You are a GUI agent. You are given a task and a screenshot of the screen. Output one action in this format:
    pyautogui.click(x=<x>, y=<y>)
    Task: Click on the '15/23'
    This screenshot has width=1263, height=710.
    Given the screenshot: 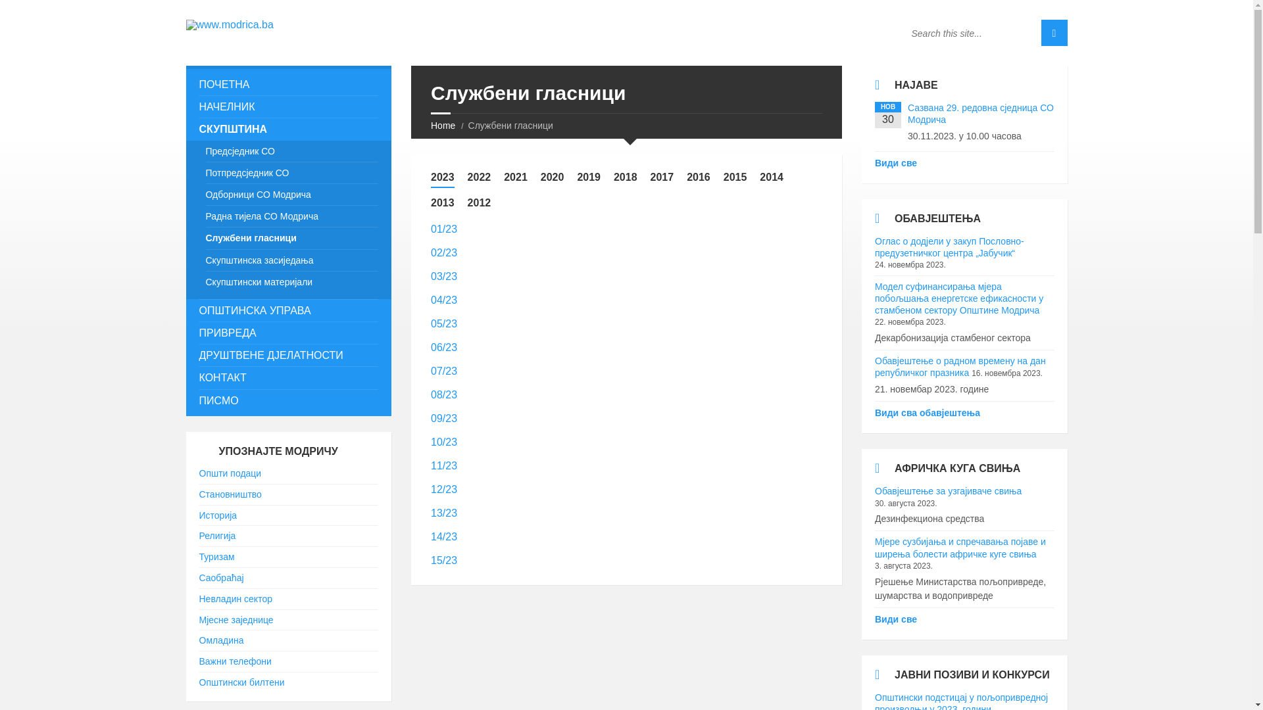 What is the action you would take?
    pyautogui.click(x=430, y=560)
    